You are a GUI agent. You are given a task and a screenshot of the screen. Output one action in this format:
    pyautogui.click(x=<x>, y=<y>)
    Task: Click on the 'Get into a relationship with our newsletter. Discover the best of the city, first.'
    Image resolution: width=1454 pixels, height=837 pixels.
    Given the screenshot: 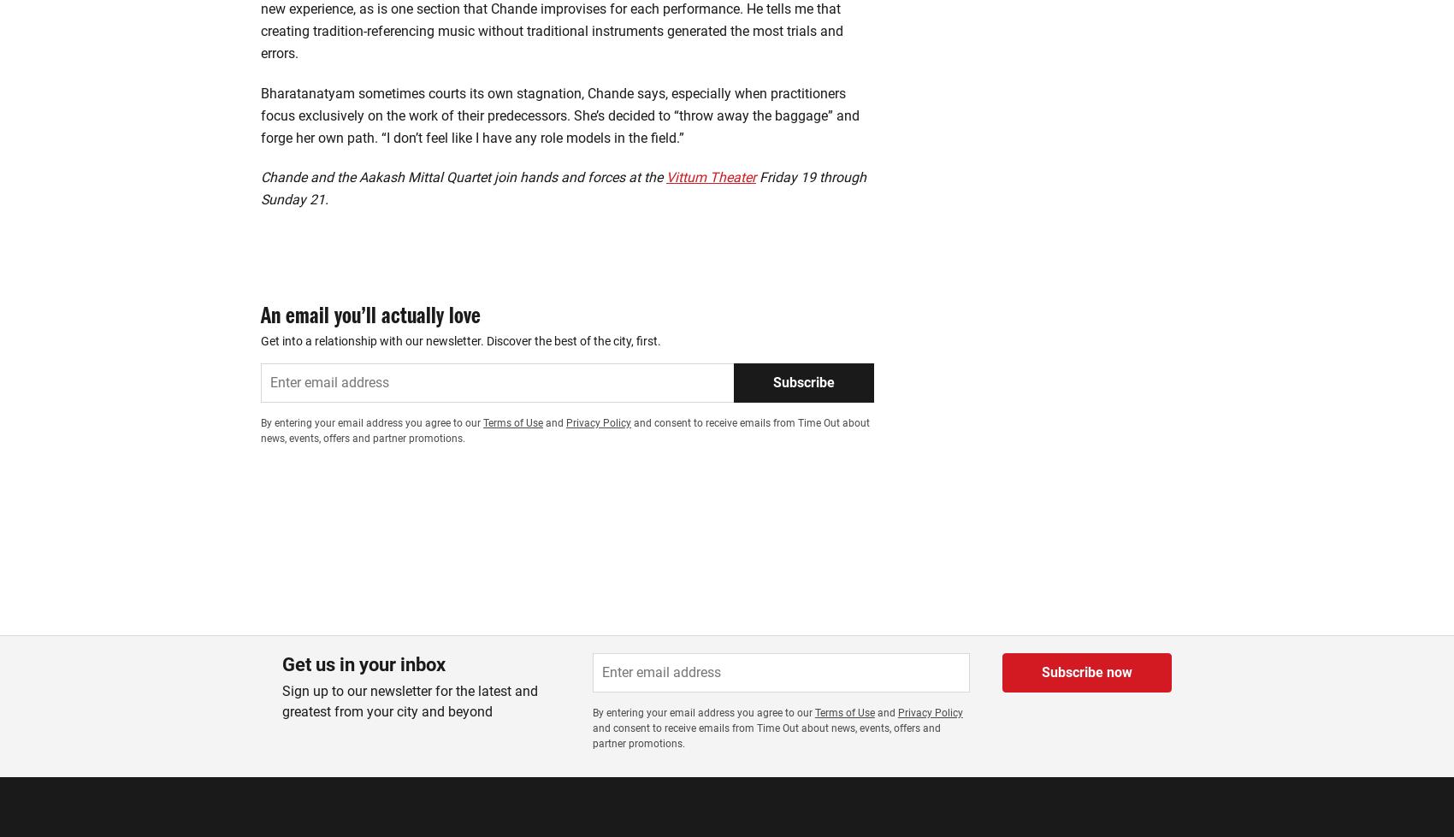 What is the action you would take?
    pyautogui.click(x=460, y=262)
    